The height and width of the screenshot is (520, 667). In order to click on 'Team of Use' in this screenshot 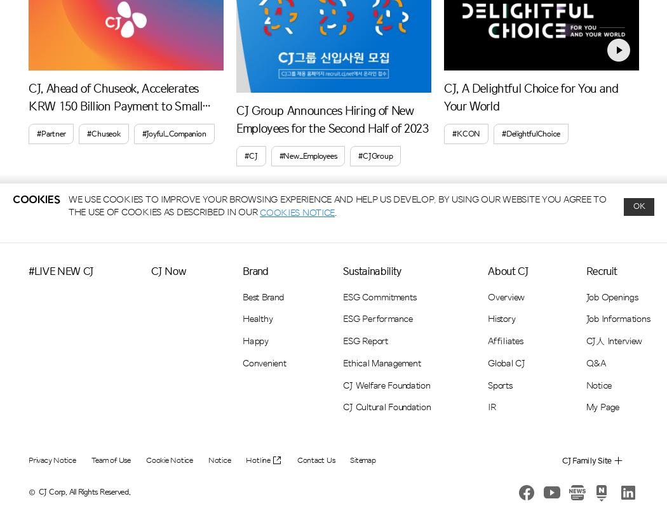, I will do `click(90, 459)`.